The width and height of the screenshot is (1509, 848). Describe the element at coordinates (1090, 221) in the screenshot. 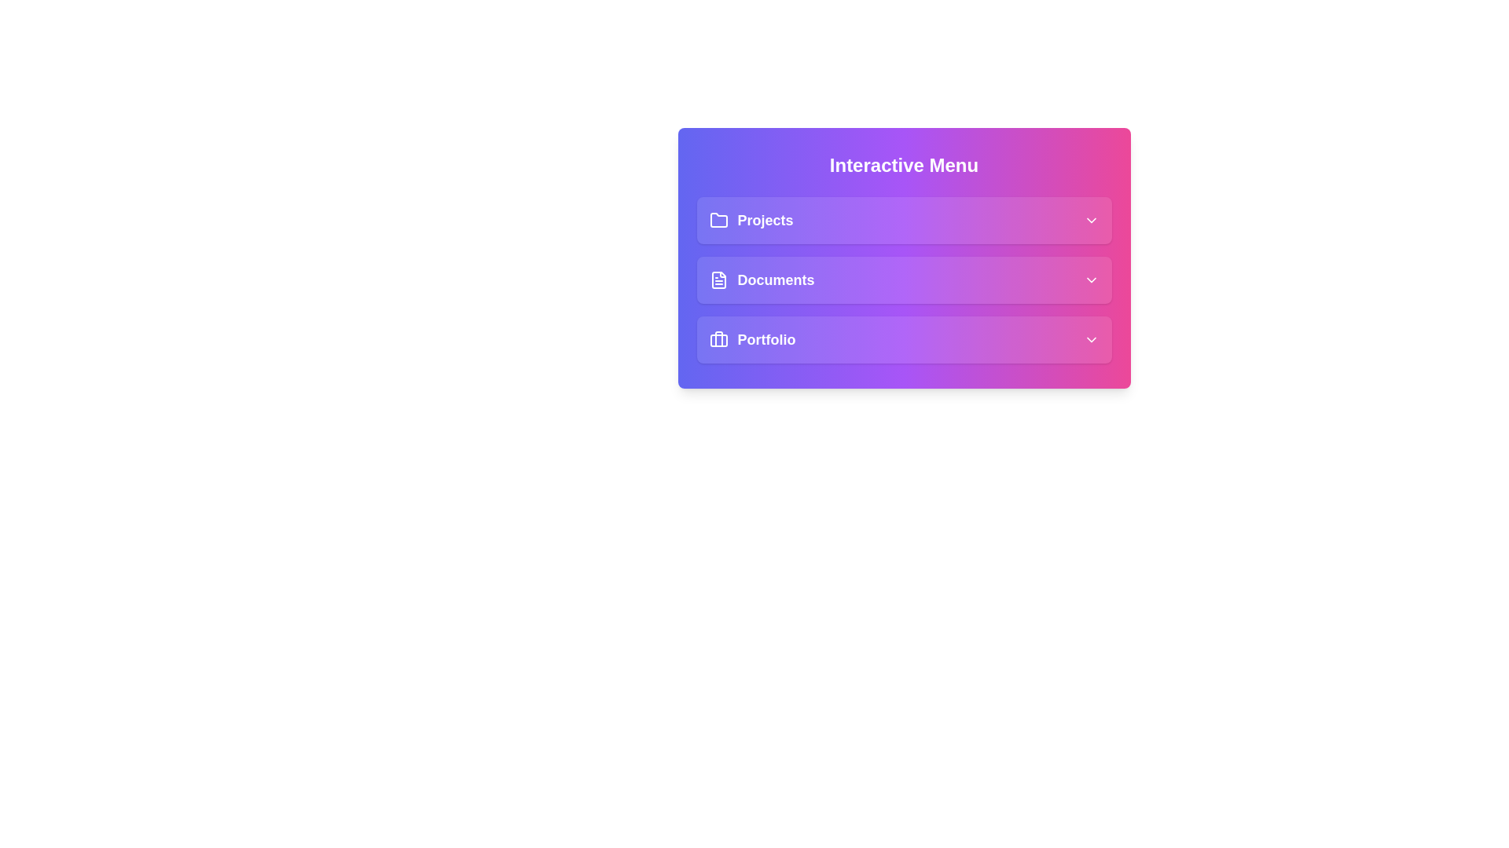

I see `the chevron icon that toggles the visibility of items within the 'Projects' dropdown menu, located to the far right of the 'Projects' label` at that location.